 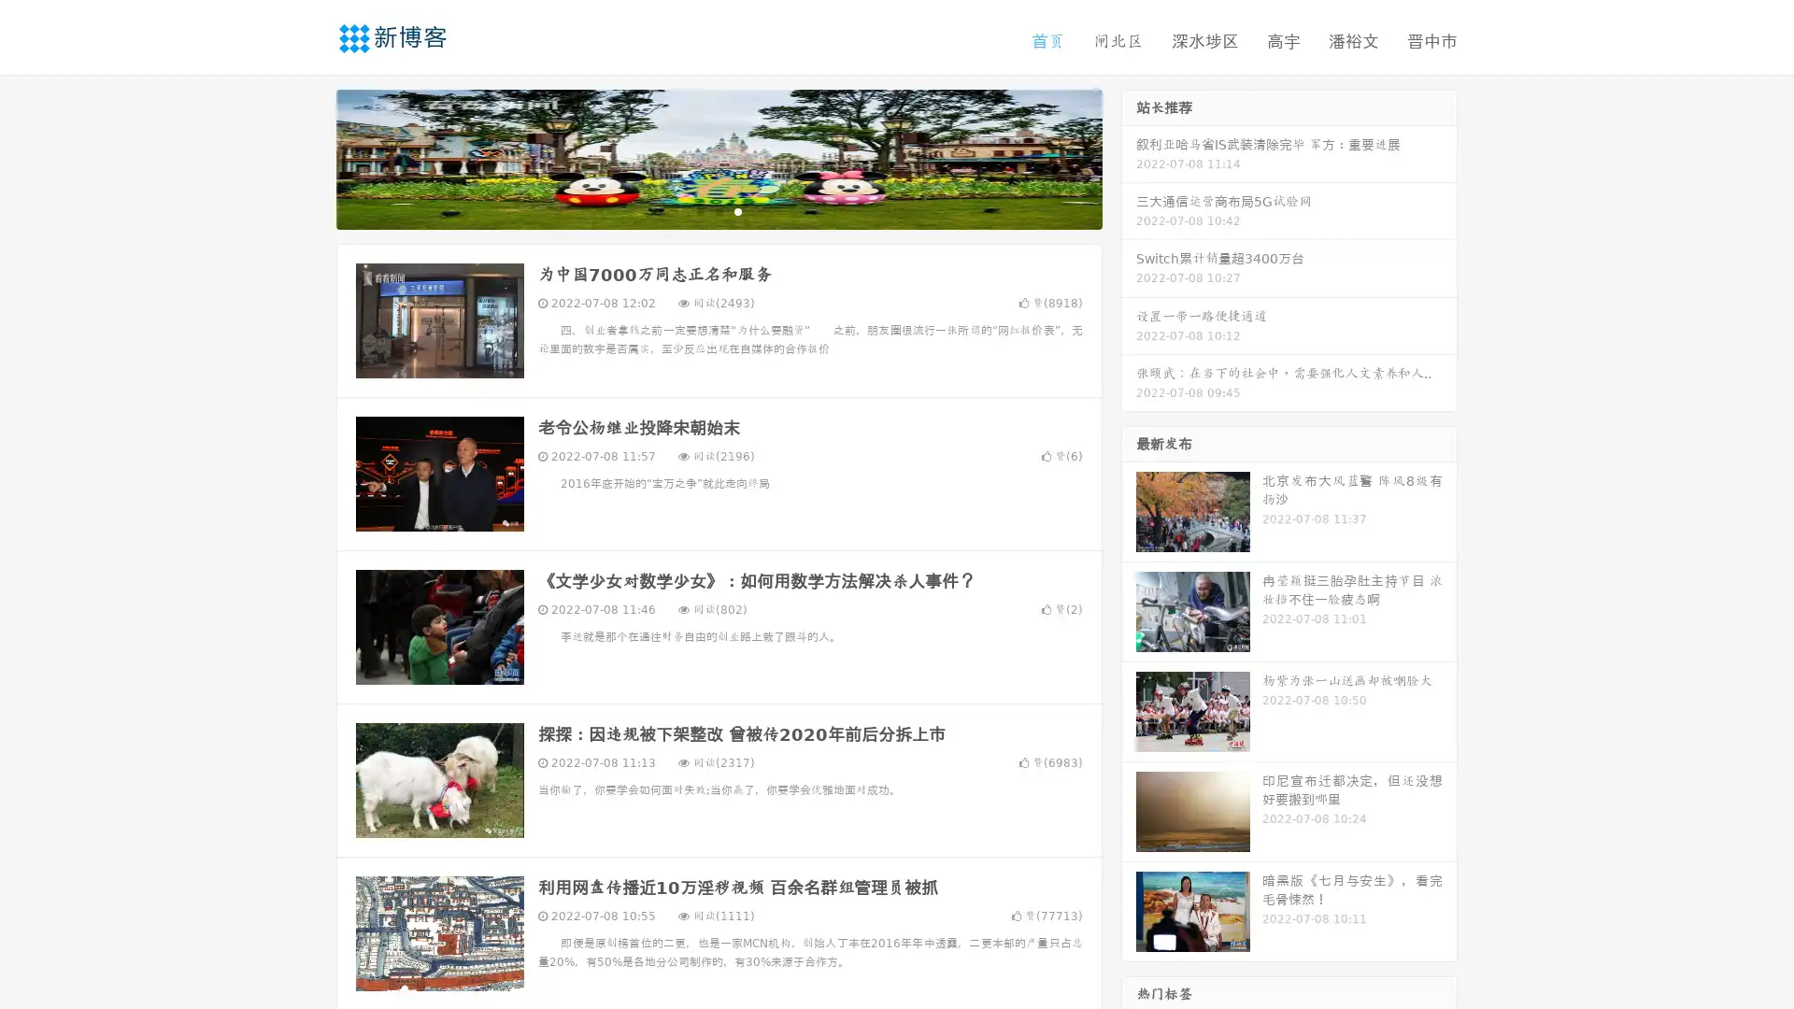 What do you see at coordinates (737, 210) in the screenshot?
I see `Go to slide 3` at bounding box center [737, 210].